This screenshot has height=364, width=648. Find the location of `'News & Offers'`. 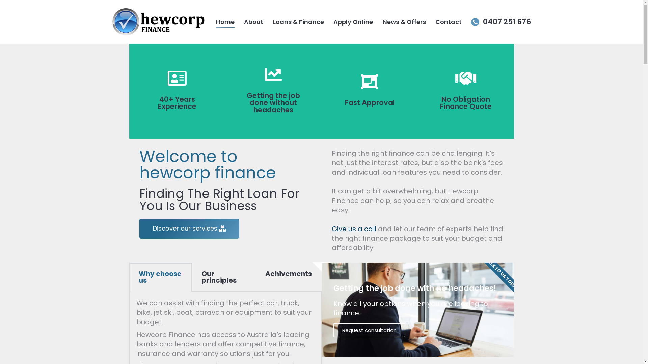

'News & Offers' is located at coordinates (404, 22).